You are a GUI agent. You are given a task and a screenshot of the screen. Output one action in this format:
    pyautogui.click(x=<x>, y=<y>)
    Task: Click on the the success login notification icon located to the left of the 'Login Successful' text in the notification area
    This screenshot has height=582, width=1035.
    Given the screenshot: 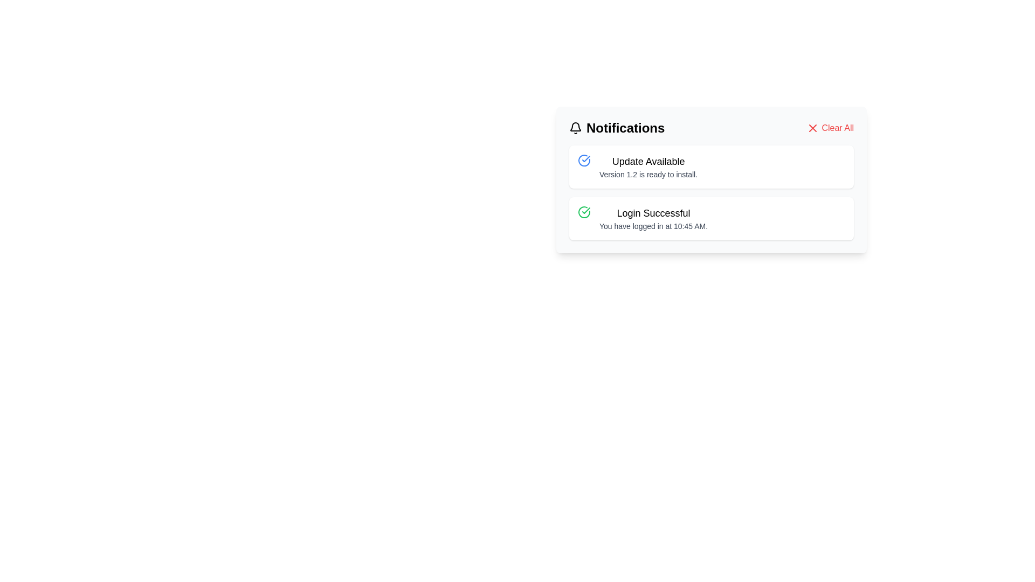 What is the action you would take?
    pyautogui.click(x=584, y=212)
    